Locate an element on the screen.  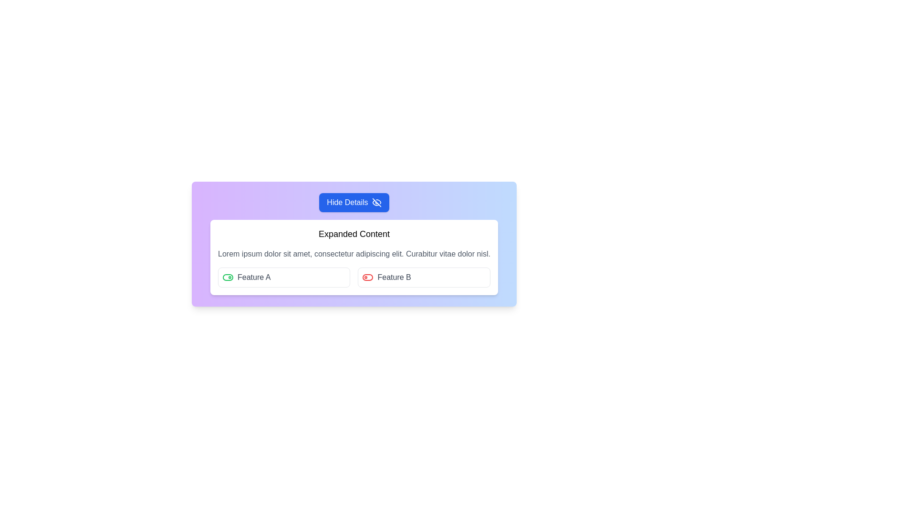
the thin diagonal Decorative SVG line that is part of the icon located at the top-center of the card layout, aligned with the 'Hide Details' button is located at coordinates (376, 202).